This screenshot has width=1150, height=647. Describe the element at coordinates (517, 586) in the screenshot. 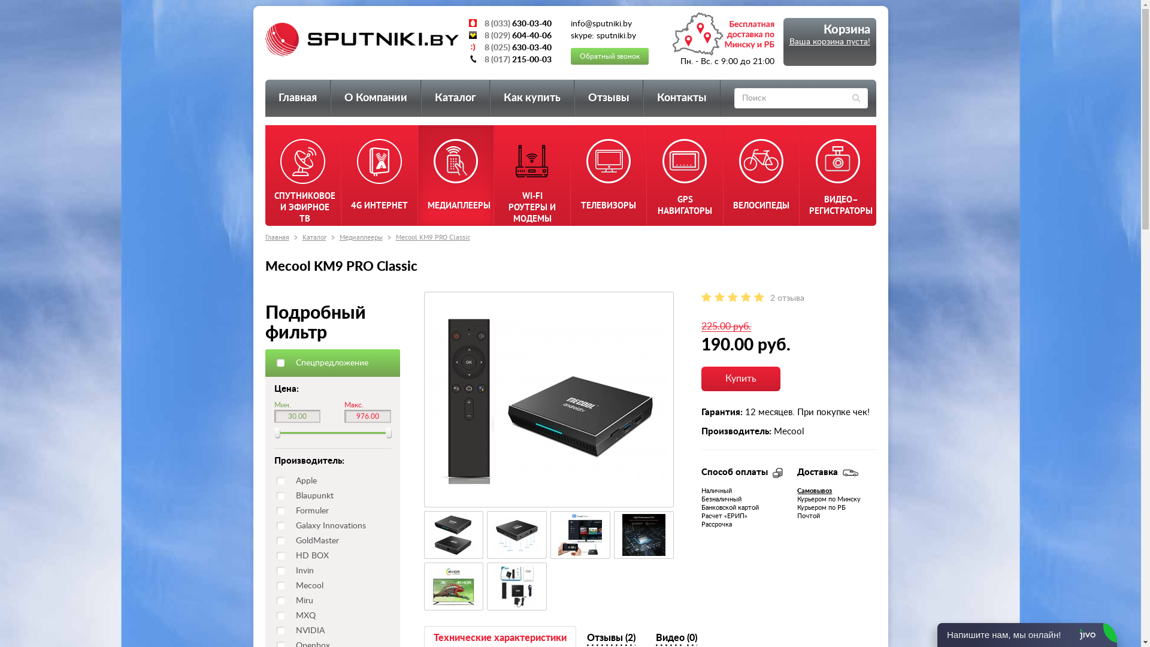

I see `'Mecool KM9 PRO Classic'` at that location.